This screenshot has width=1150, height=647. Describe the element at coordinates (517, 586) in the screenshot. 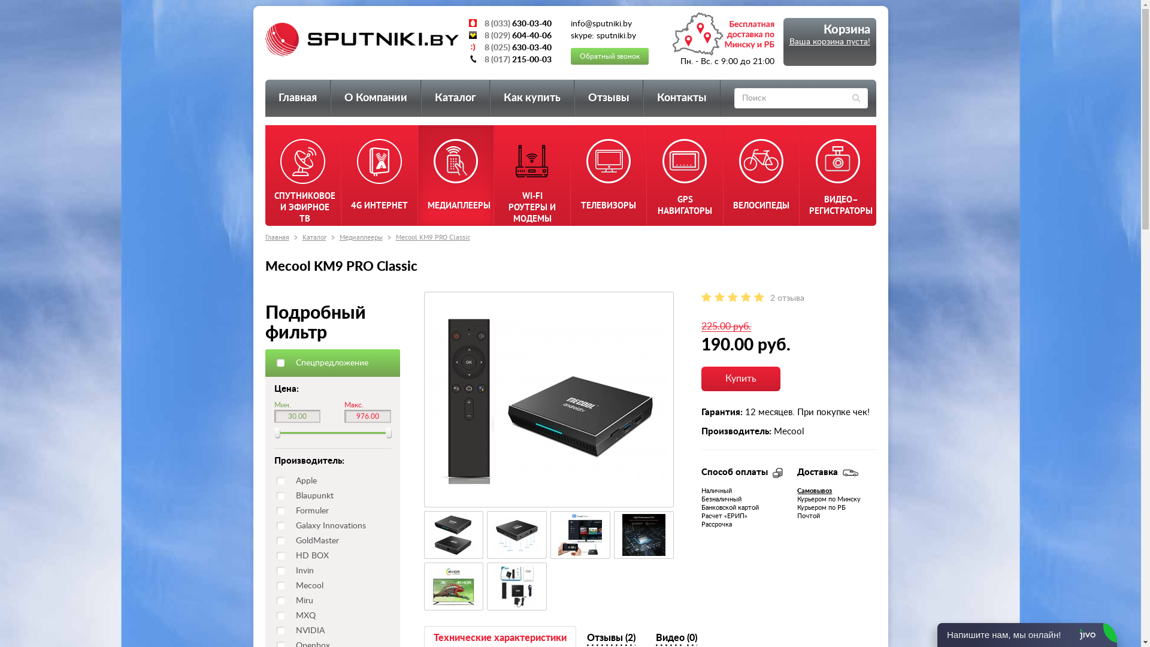

I see `'Mecool KM9 PRO Classic'` at that location.